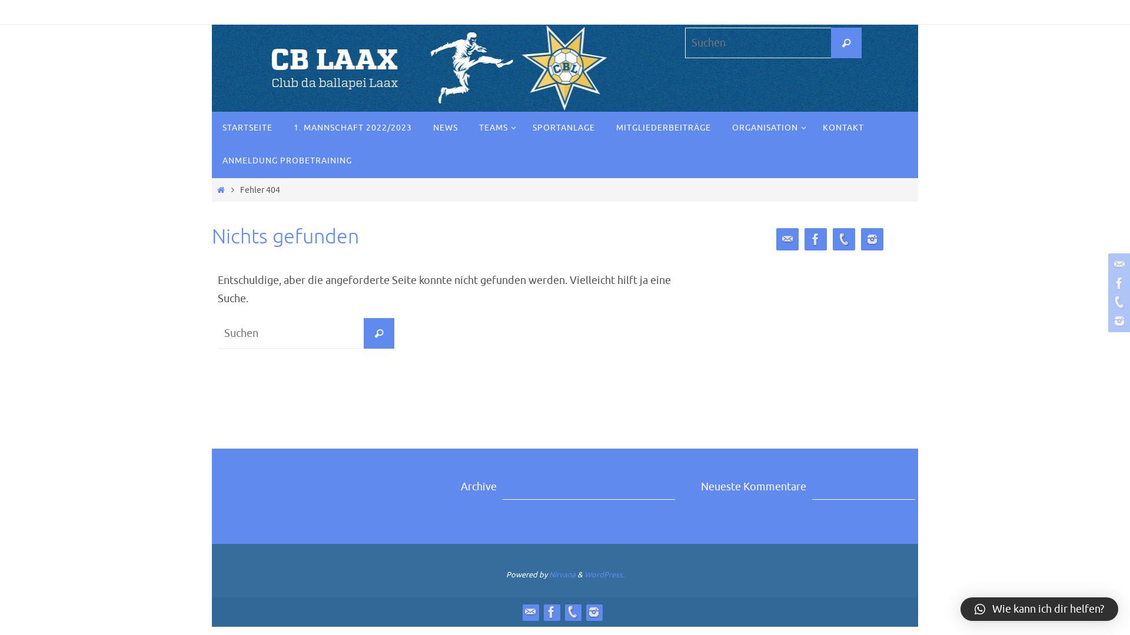  I want to click on 'Wie kann ich dir helfen?', so click(1039, 609).